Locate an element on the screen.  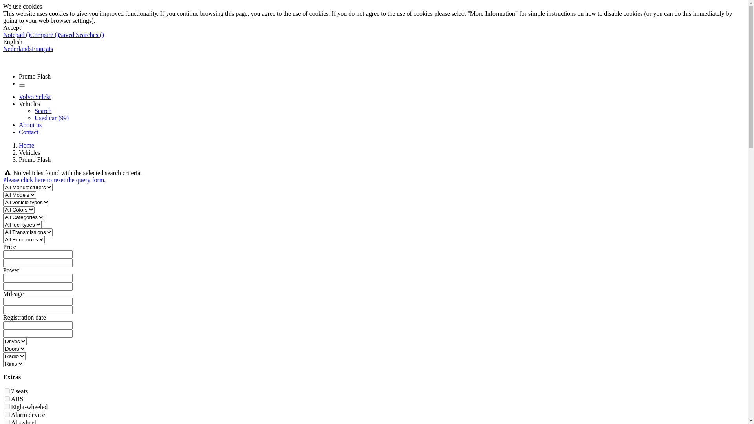
'Please click here to reset the query form.' is located at coordinates (3, 180).